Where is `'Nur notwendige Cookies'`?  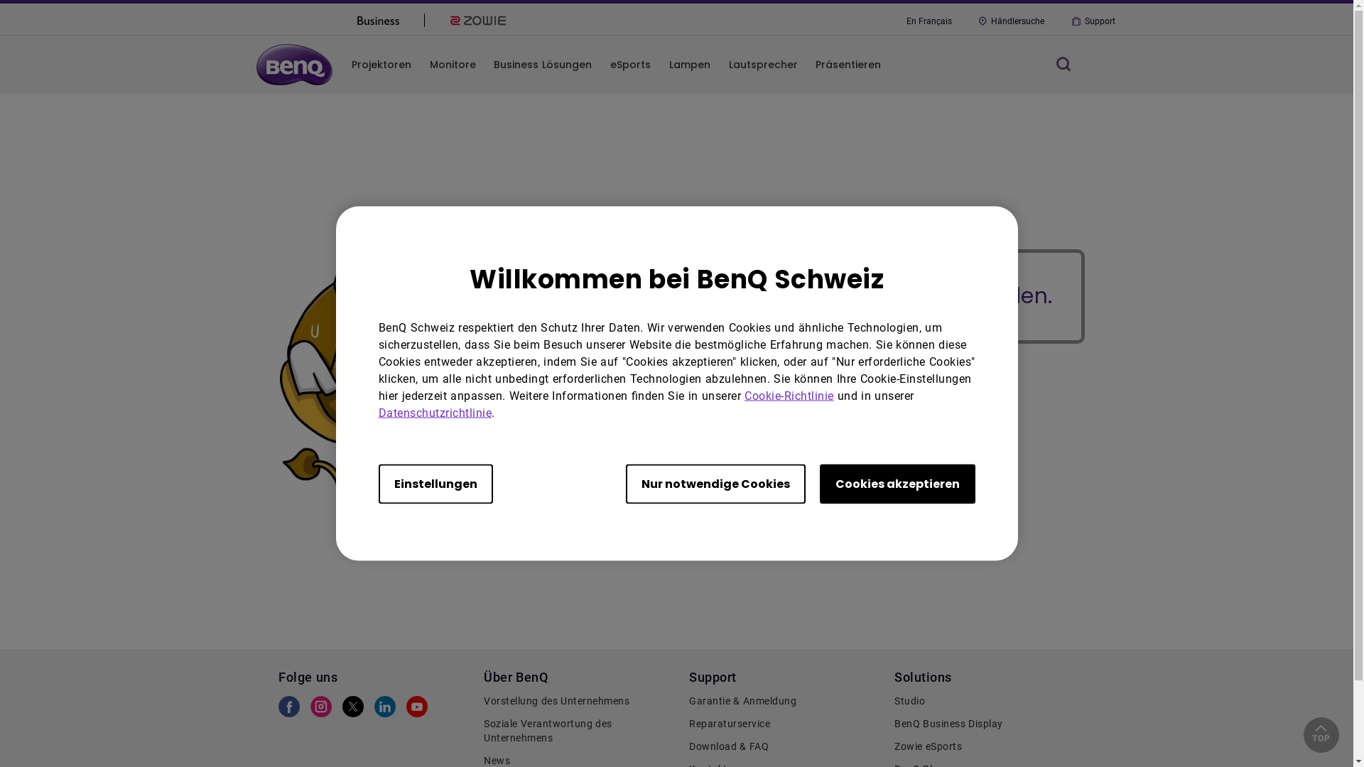 'Nur notwendige Cookies' is located at coordinates (715, 483).